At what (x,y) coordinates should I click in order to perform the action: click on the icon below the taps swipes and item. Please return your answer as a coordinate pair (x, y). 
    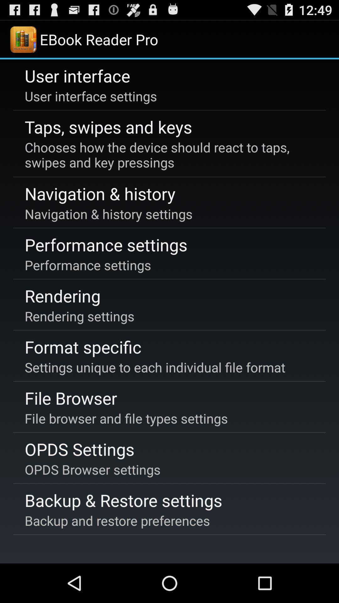
    Looking at the image, I should click on (168, 155).